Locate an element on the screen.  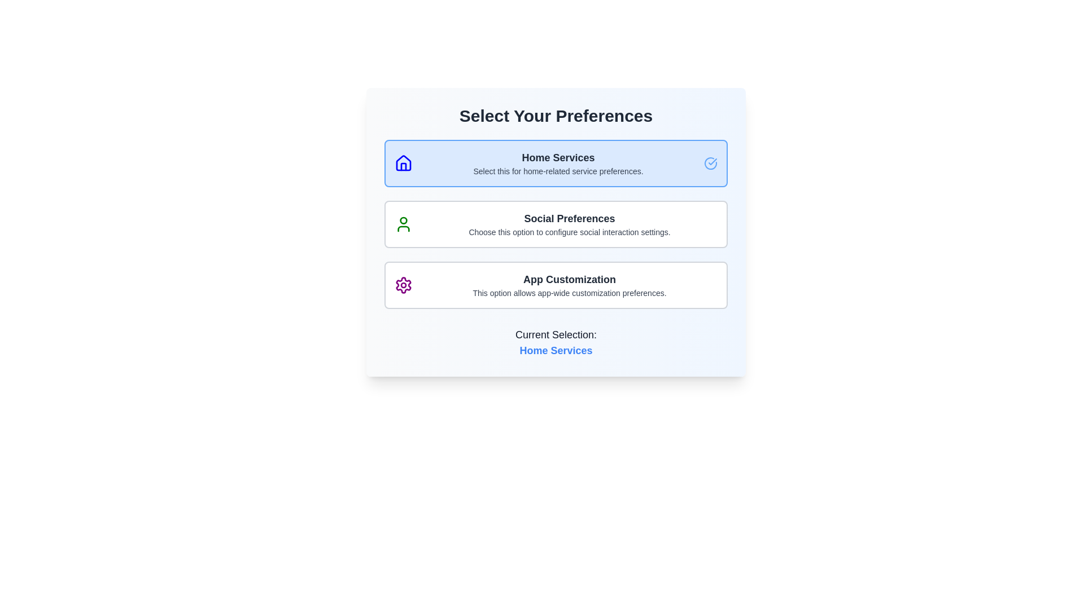
the 'Social Preferences' selectable menu item is located at coordinates (569, 224).